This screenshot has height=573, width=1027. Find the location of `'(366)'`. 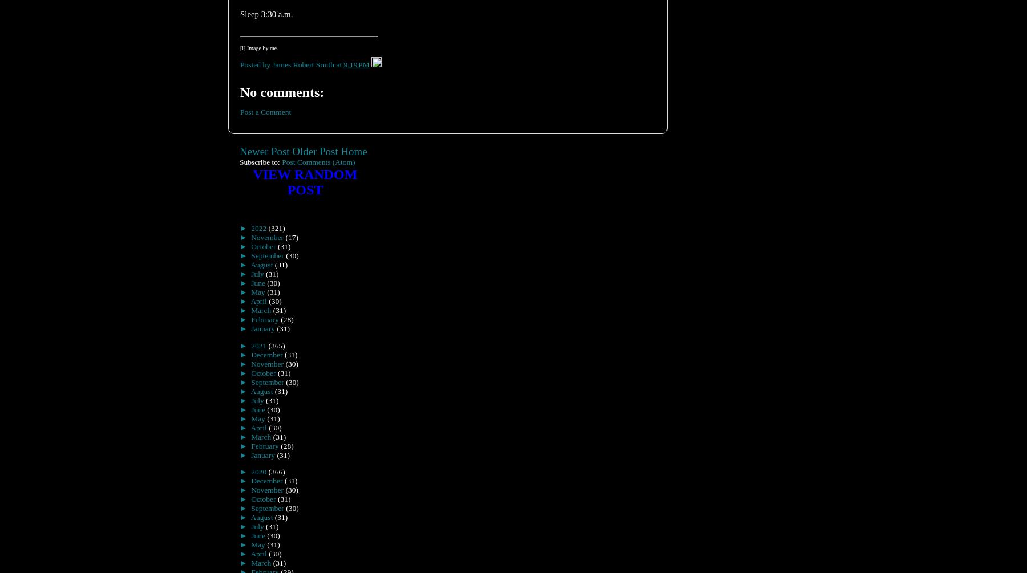

'(366)' is located at coordinates (276, 472).